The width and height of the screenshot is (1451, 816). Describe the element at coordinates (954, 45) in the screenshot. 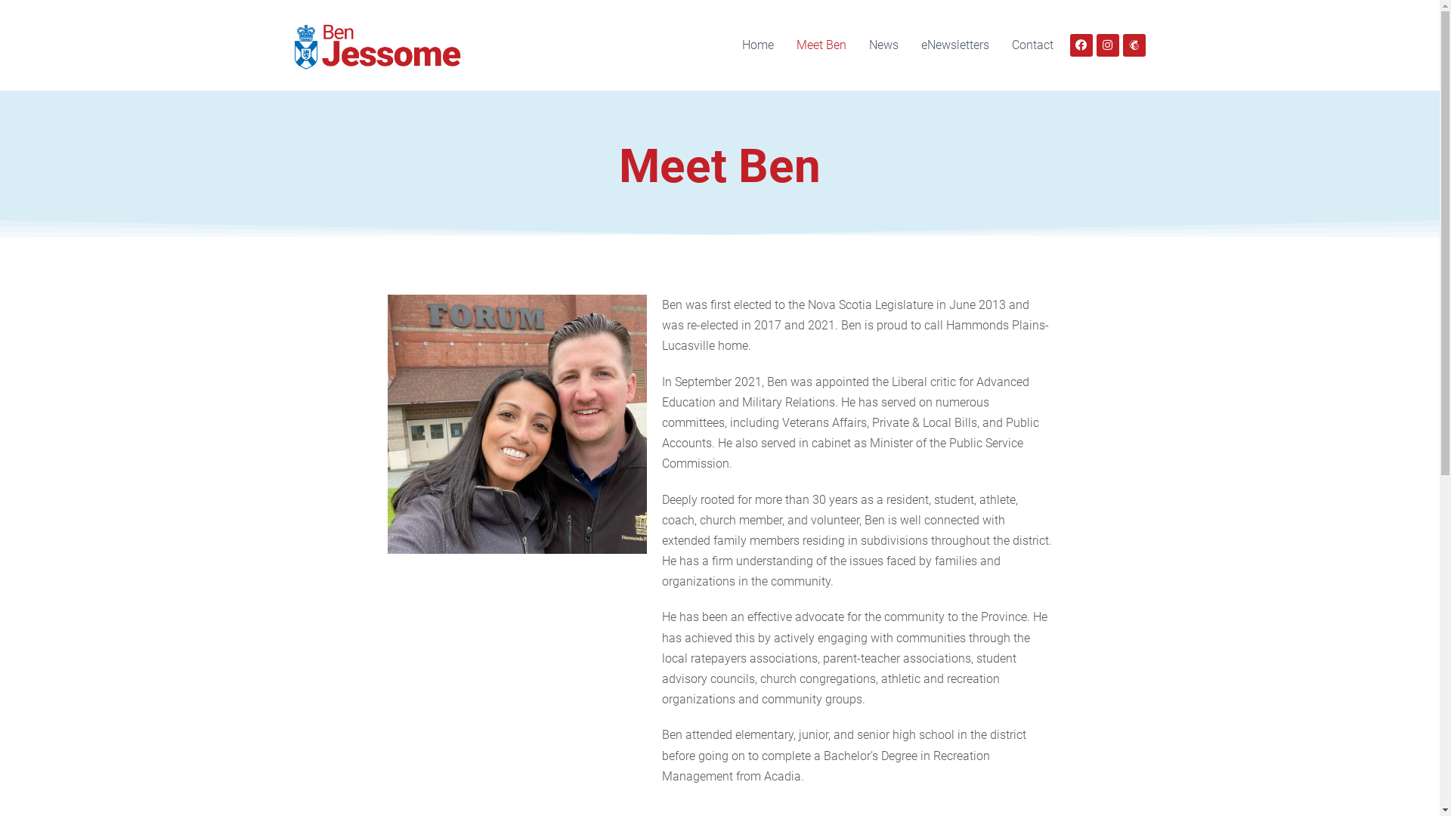

I see `'eNewsletters'` at that location.